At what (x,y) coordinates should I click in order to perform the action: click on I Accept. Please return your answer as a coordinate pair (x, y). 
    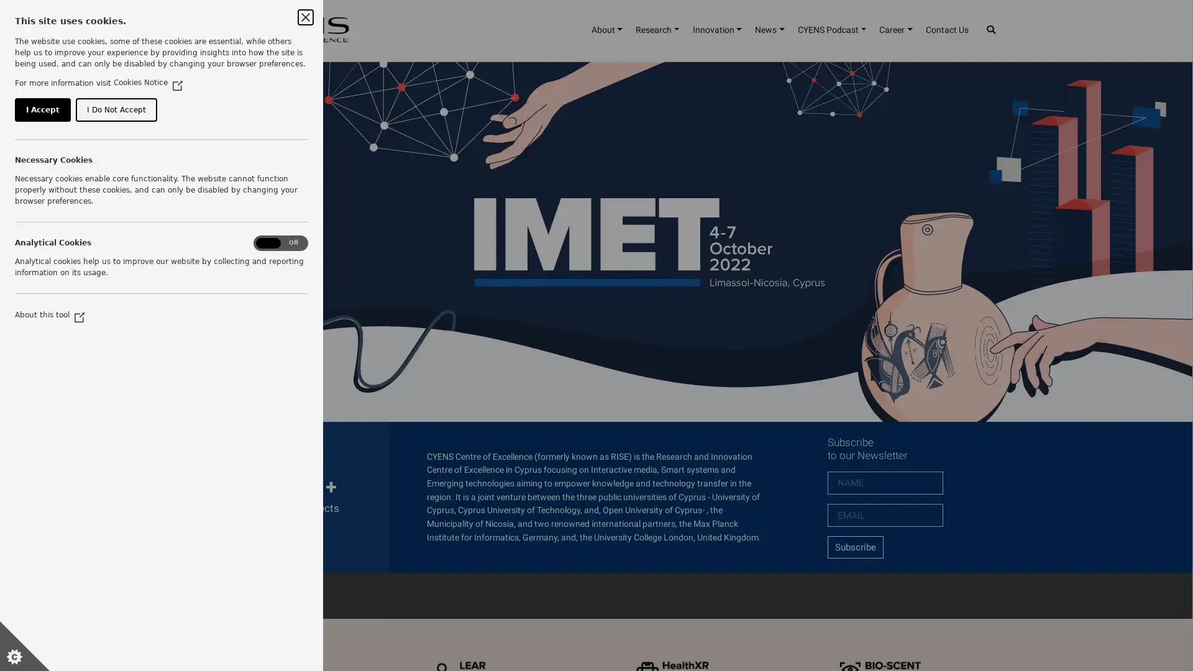
    Looking at the image, I should click on (48, 168).